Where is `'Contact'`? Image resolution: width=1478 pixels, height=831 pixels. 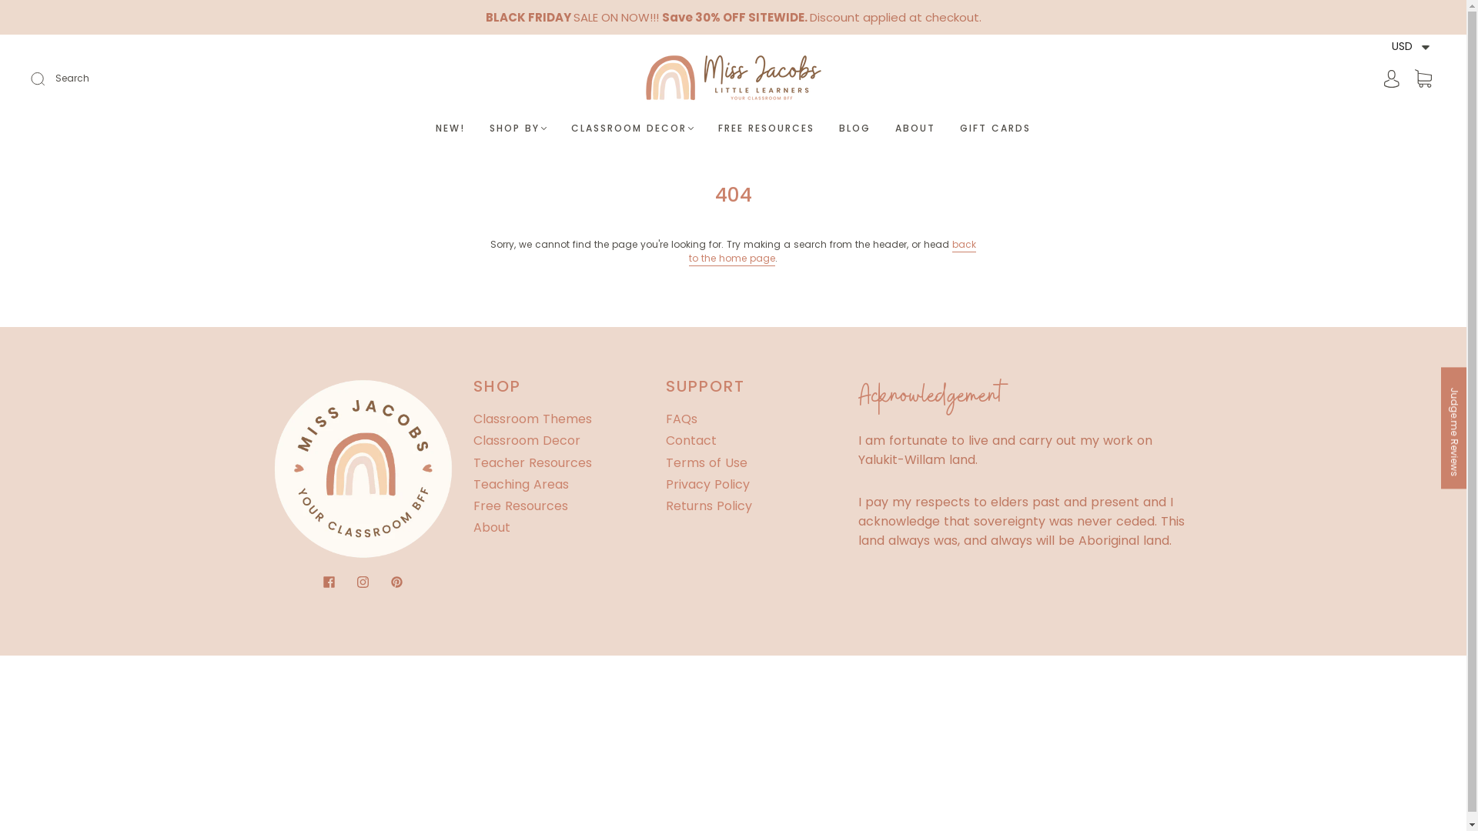
'Contact' is located at coordinates (665, 440).